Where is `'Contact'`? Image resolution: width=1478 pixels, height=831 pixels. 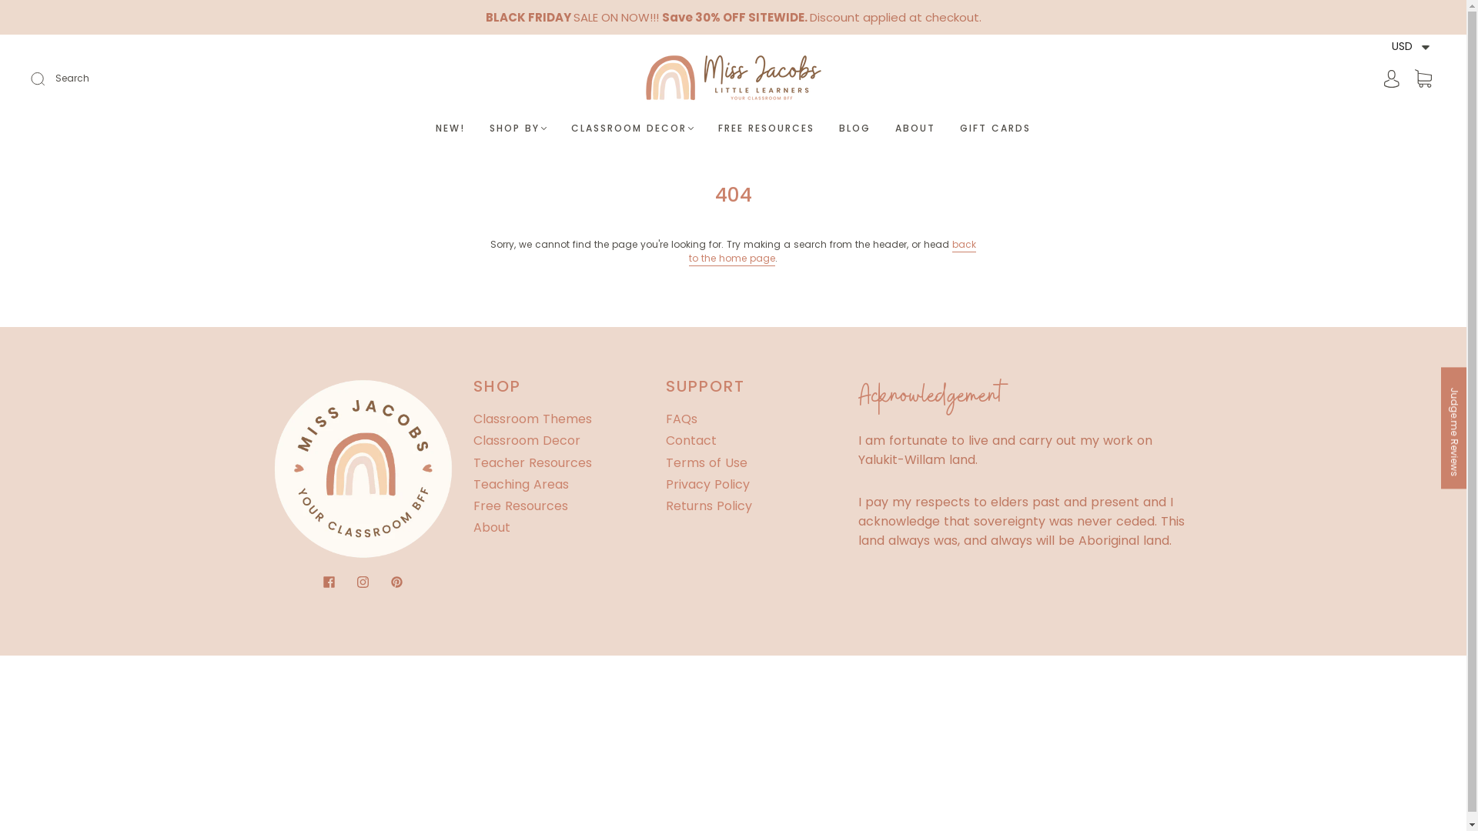
'Contact' is located at coordinates (665, 440).